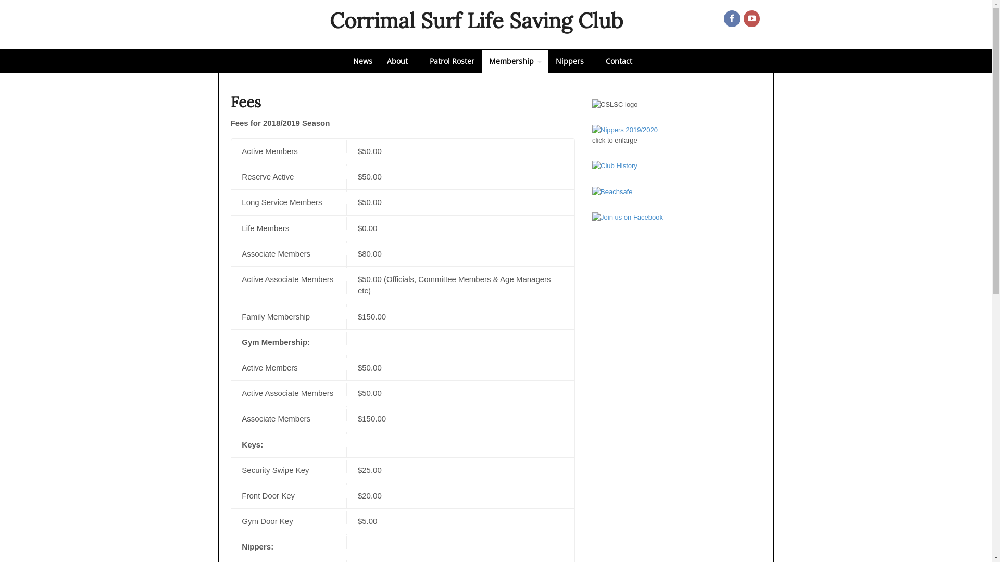  Describe the element at coordinates (515, 61) in the screenshot. I see `'Membership'` at that location.